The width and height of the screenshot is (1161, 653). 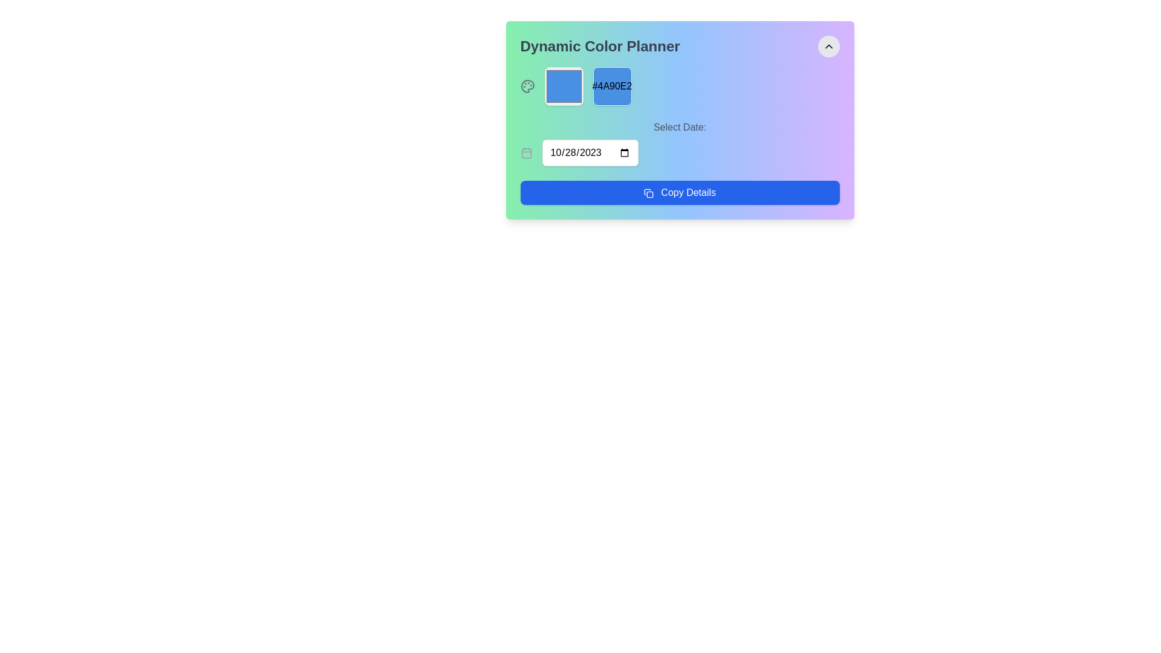 What do you see at coordinates (649, 193) in the screenshot?
I see `the Icon sub-component located at the center of the smaller square within the Copy Details button's SVG icon` at bounding box center [649, 193].